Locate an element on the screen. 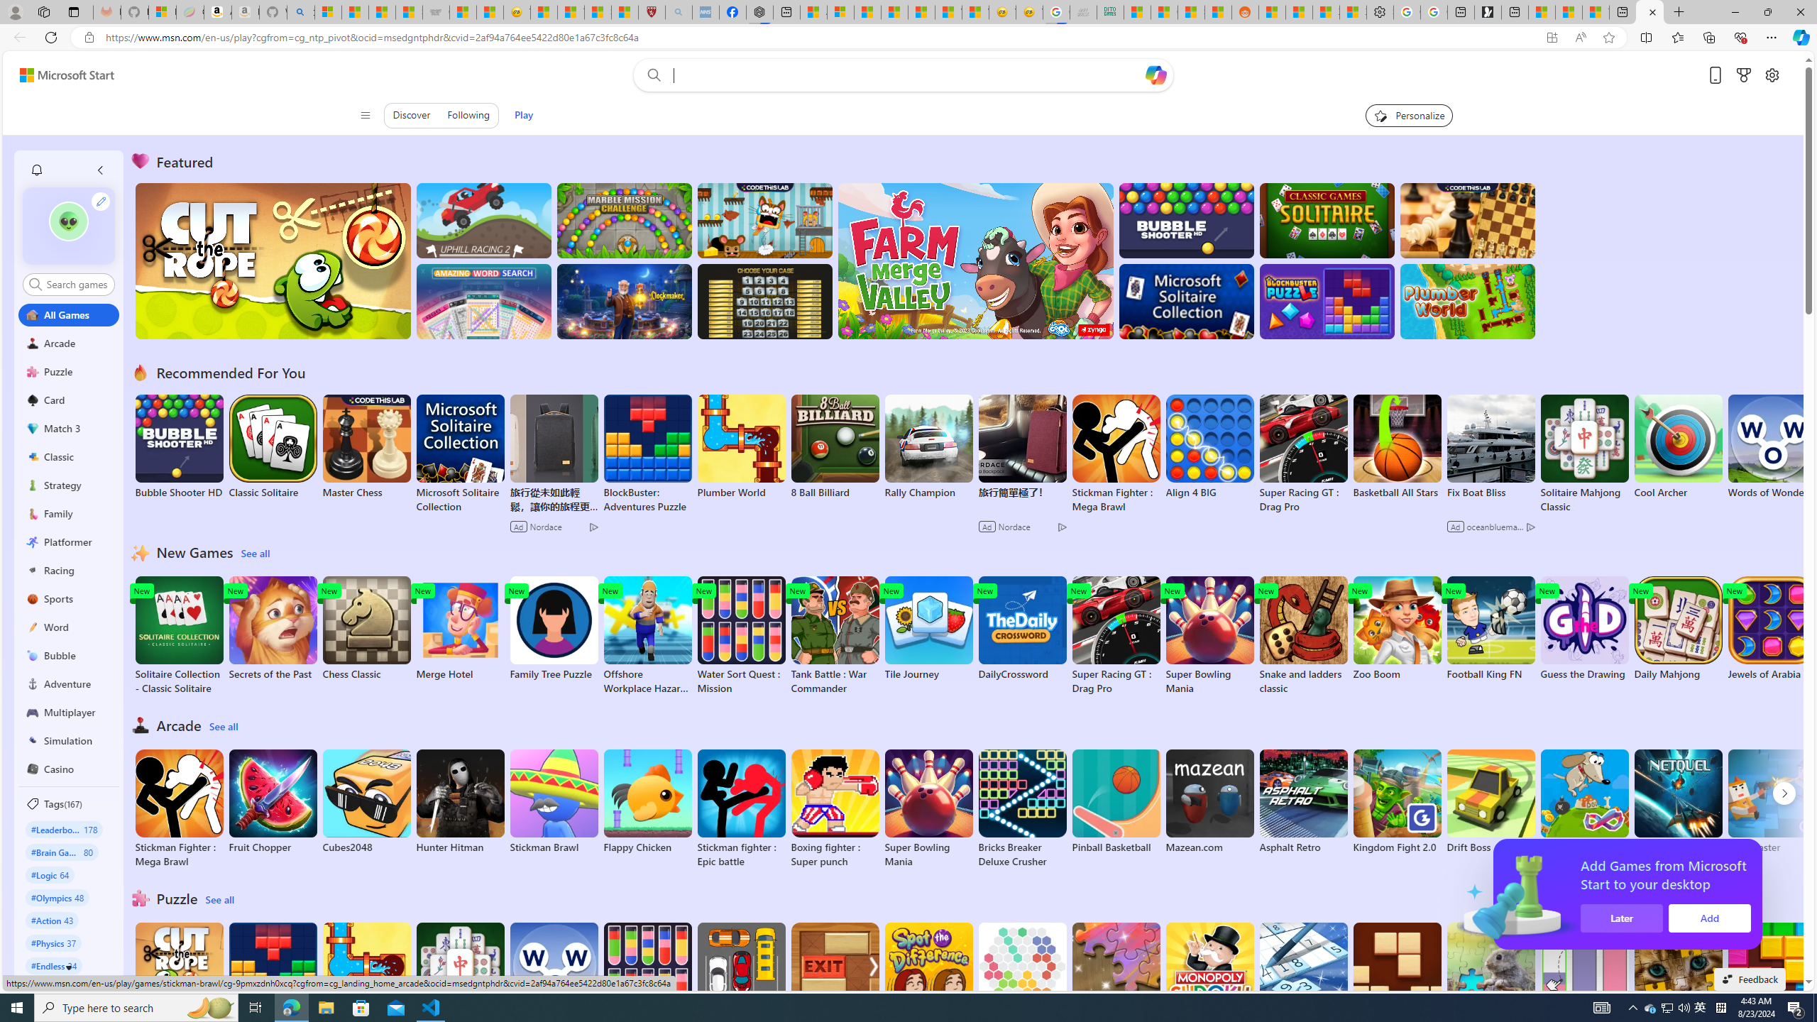  'Class: profile-edit' is located at coordinates (101, 201).